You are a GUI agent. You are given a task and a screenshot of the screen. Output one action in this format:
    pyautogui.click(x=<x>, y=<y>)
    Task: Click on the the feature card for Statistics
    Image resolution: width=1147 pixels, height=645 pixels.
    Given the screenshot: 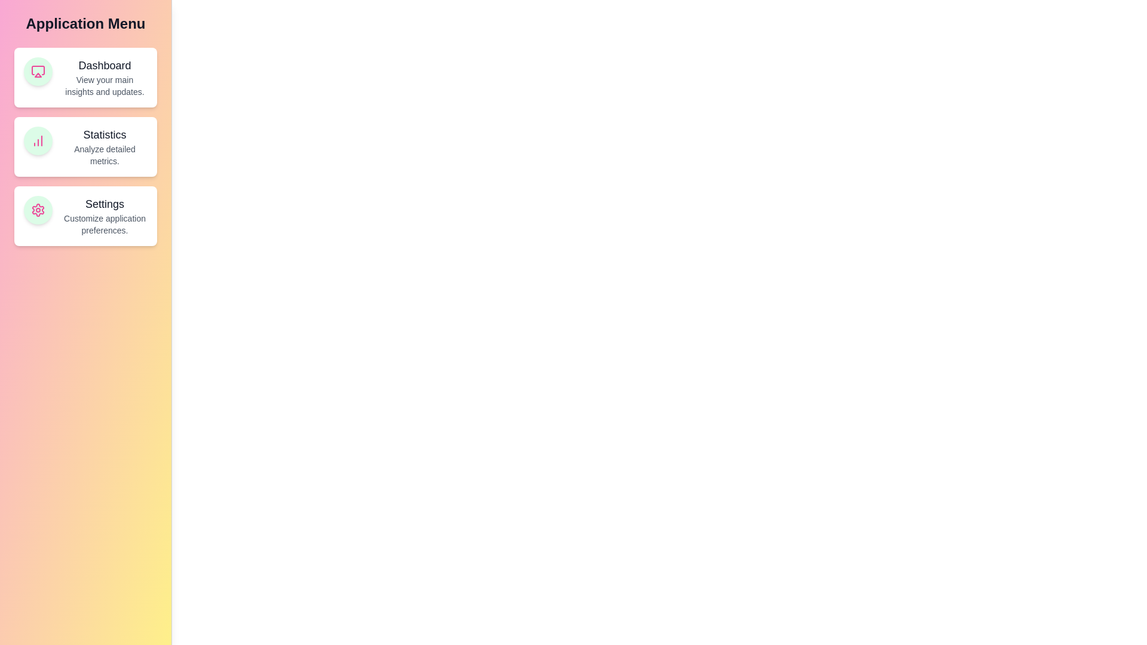 What is the action you would take?
    pyautogui.click(x=85, y=146)
    